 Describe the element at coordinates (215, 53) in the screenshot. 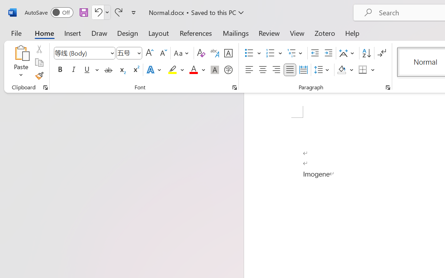

I see `'Phonetic Guide...'` at that location.